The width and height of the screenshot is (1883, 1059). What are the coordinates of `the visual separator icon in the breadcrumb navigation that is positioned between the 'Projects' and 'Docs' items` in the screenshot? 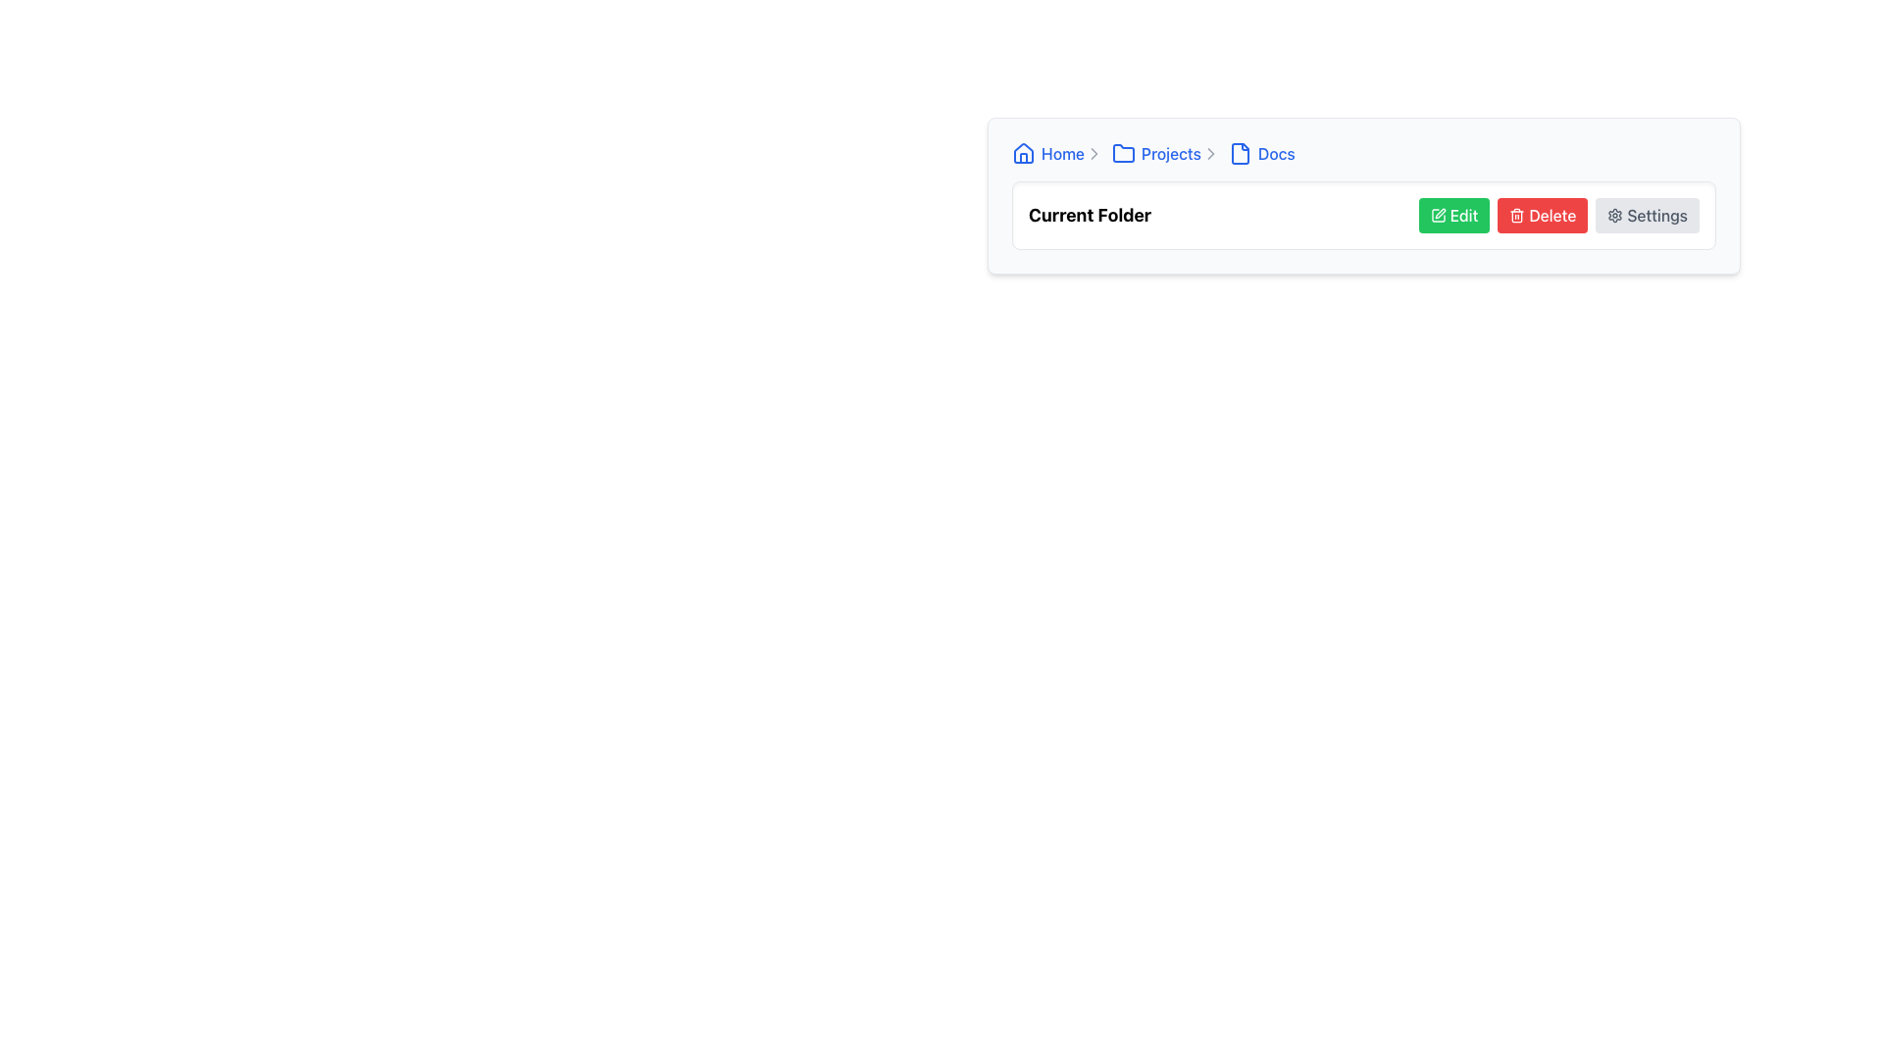 It's located at (1209, 153).